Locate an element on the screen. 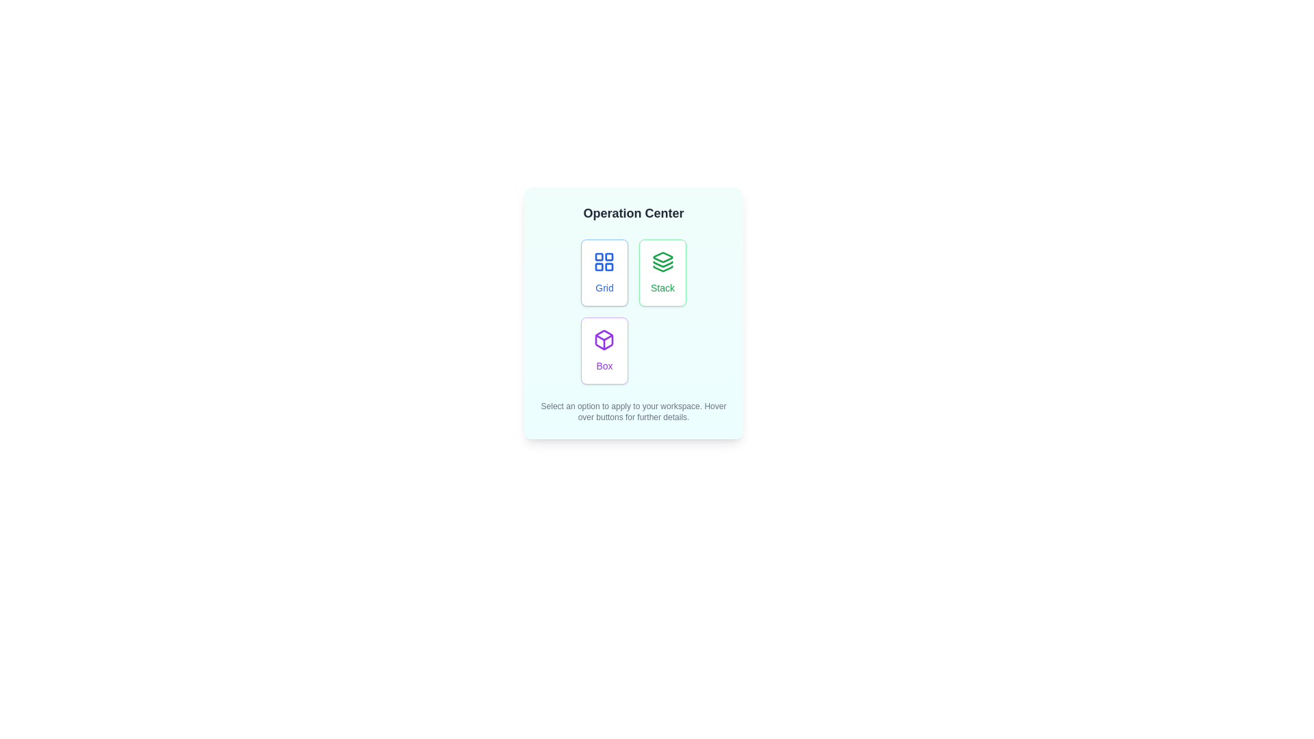 The image size is (1314, 739). the icon located in the second cell of the second row in a 2x2 grid layout is located at coordinates (608, 267).